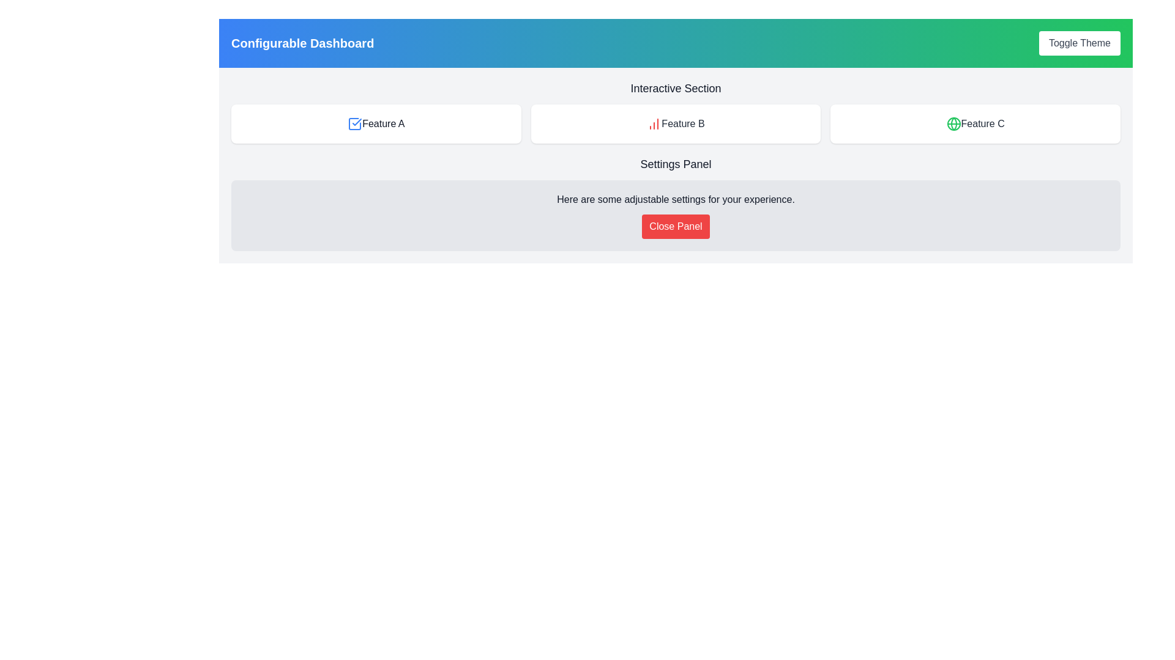  What do you see at coordinates (975, 124) in the screenshot?
I see `the static informational display for 'Feature C', which is the last button in the sequence of three buttons labeled 'Feature A', 'Feature B', and 'Feature C'. This element is non-interactive and serves` at bounding box center [975, 124].